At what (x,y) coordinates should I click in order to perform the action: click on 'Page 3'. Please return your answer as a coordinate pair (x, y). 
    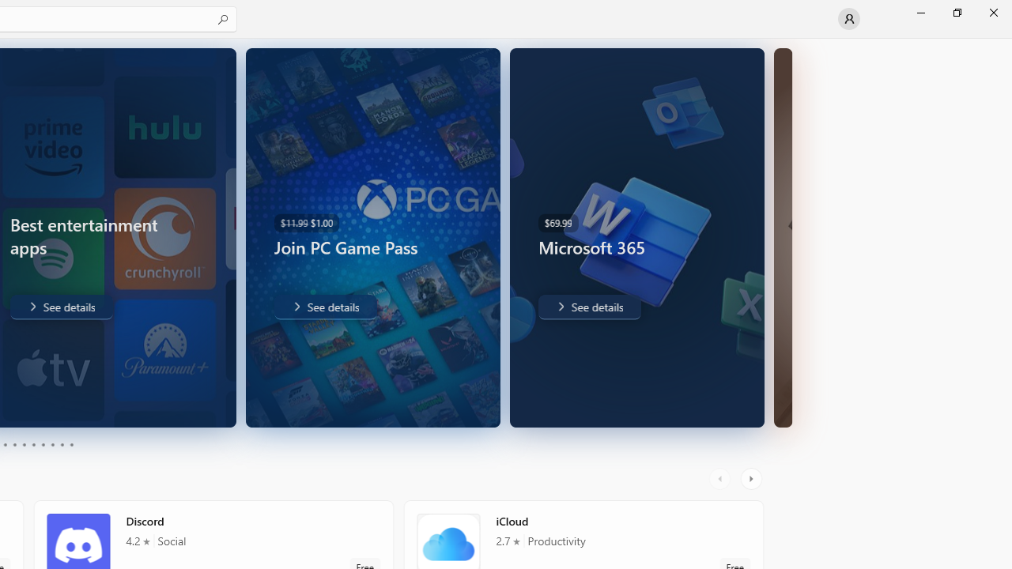
    Looking at the image, I should click on (4, 445).